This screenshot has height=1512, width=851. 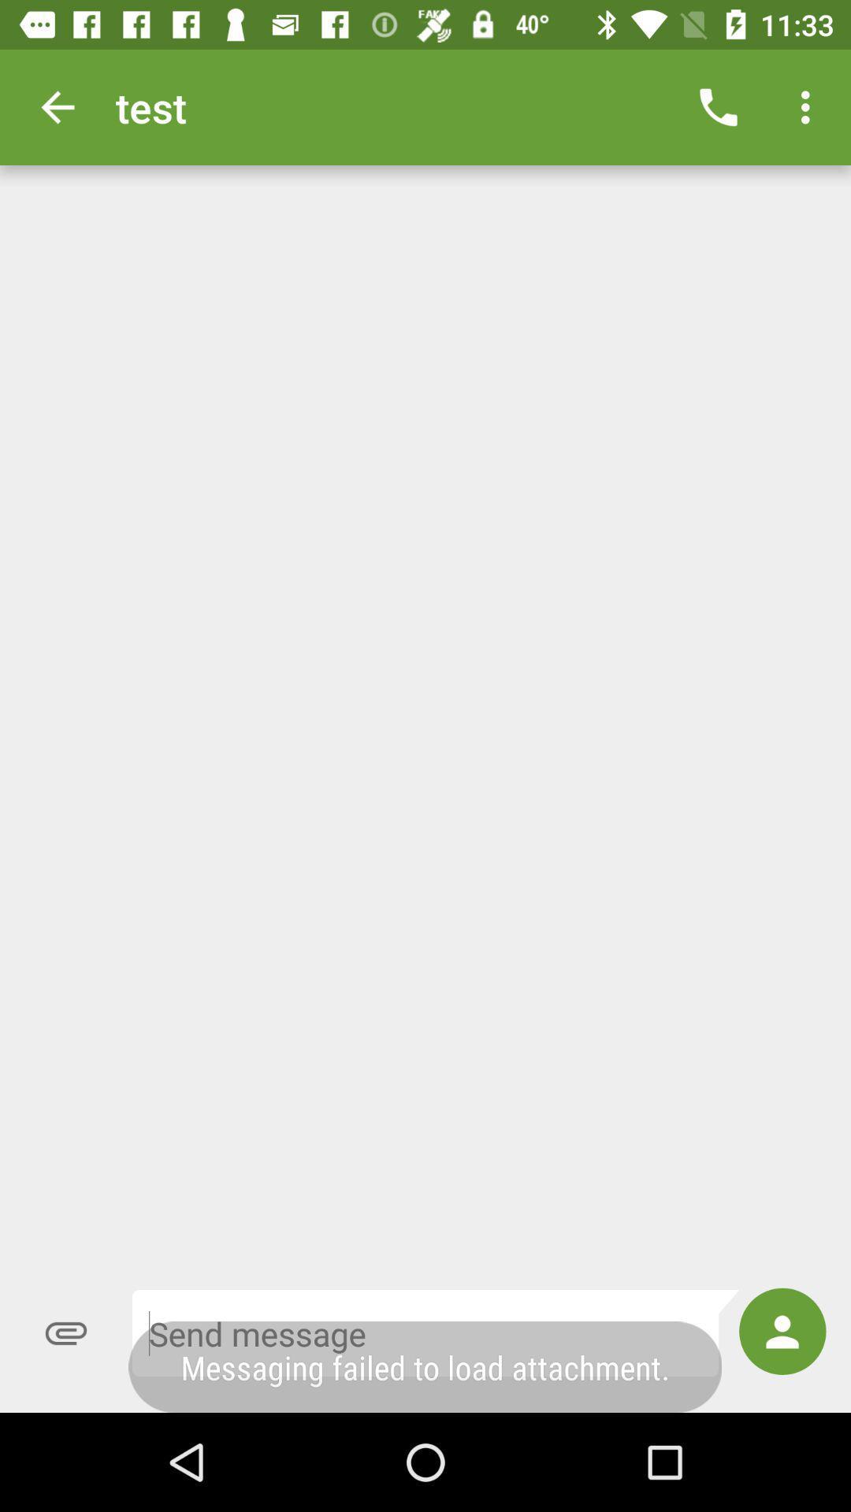 What do you see at coordinates (65, 1332) in the screenshot?
I see `the attach_file icon` at bounding box center [65, 1332].